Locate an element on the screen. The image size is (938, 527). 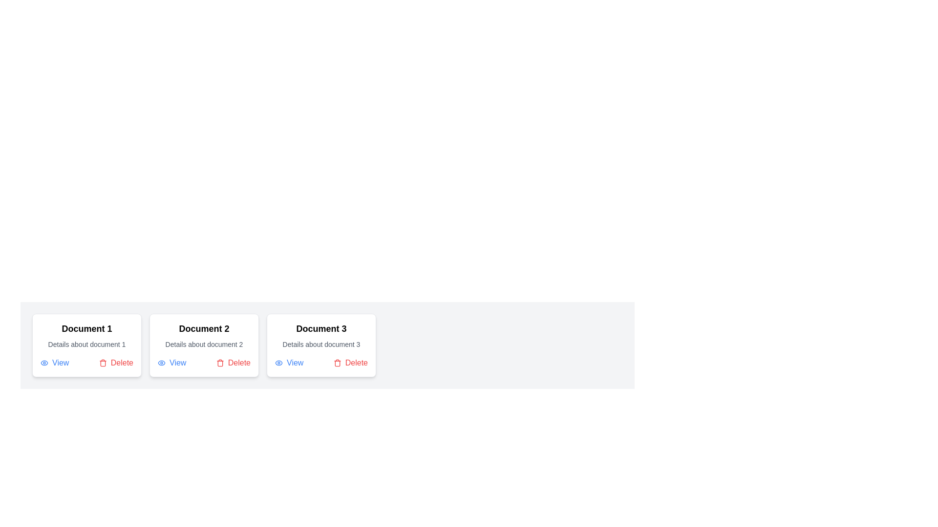
the blue 'View' button with an eye icon located in the bottom-left corner of the 'Document 1' card is located at coordinates (54, 363).